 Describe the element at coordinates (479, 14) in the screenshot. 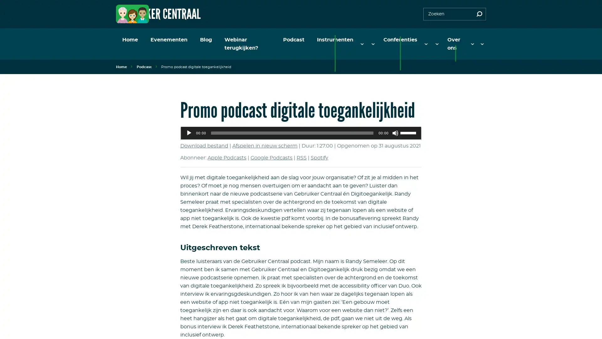

I see `Zoek` at that location.